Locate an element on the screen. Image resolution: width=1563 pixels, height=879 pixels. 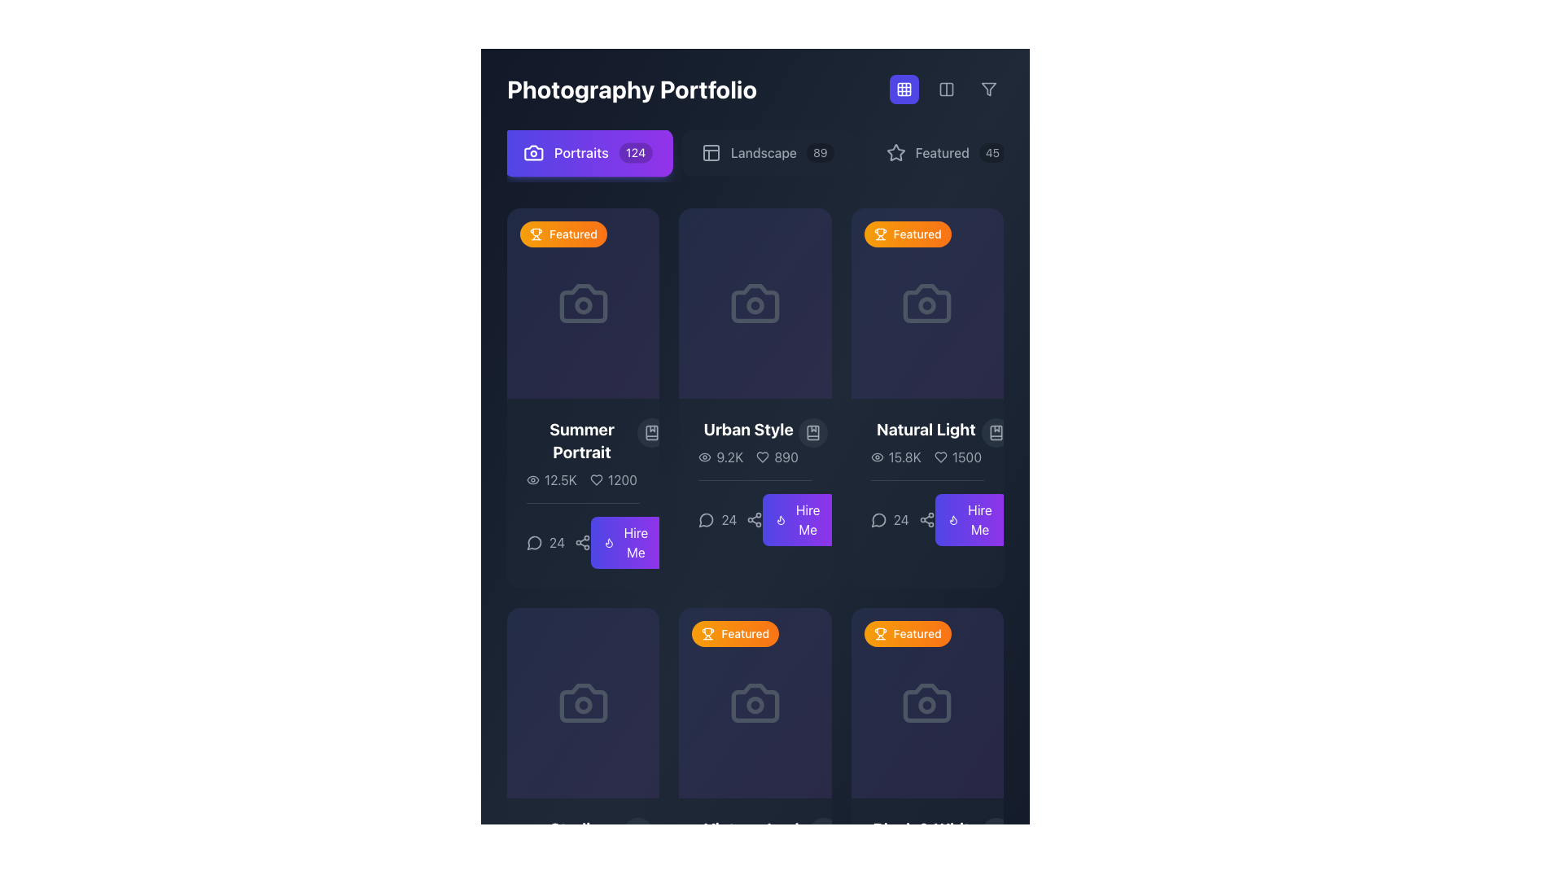
the 'Landscape' button with dark background and light gray text is located at coordinates (767, 153).